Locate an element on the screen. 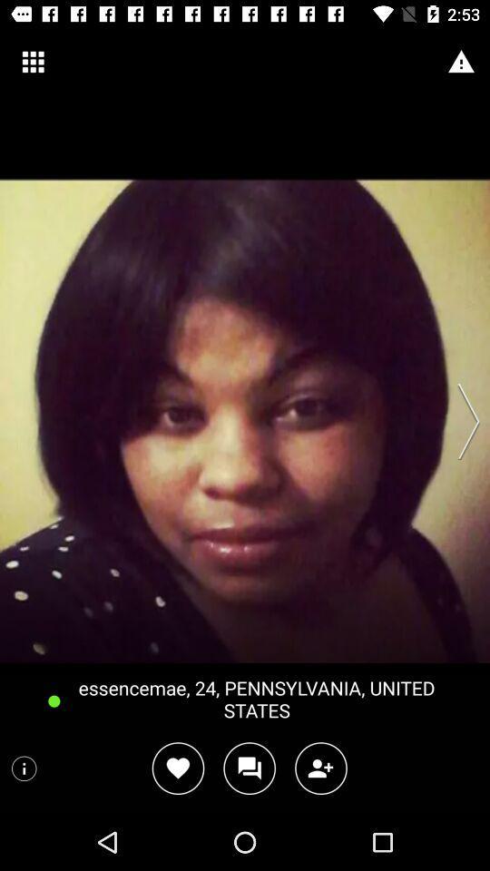  like this selfie is located at coordinates (178, 768).